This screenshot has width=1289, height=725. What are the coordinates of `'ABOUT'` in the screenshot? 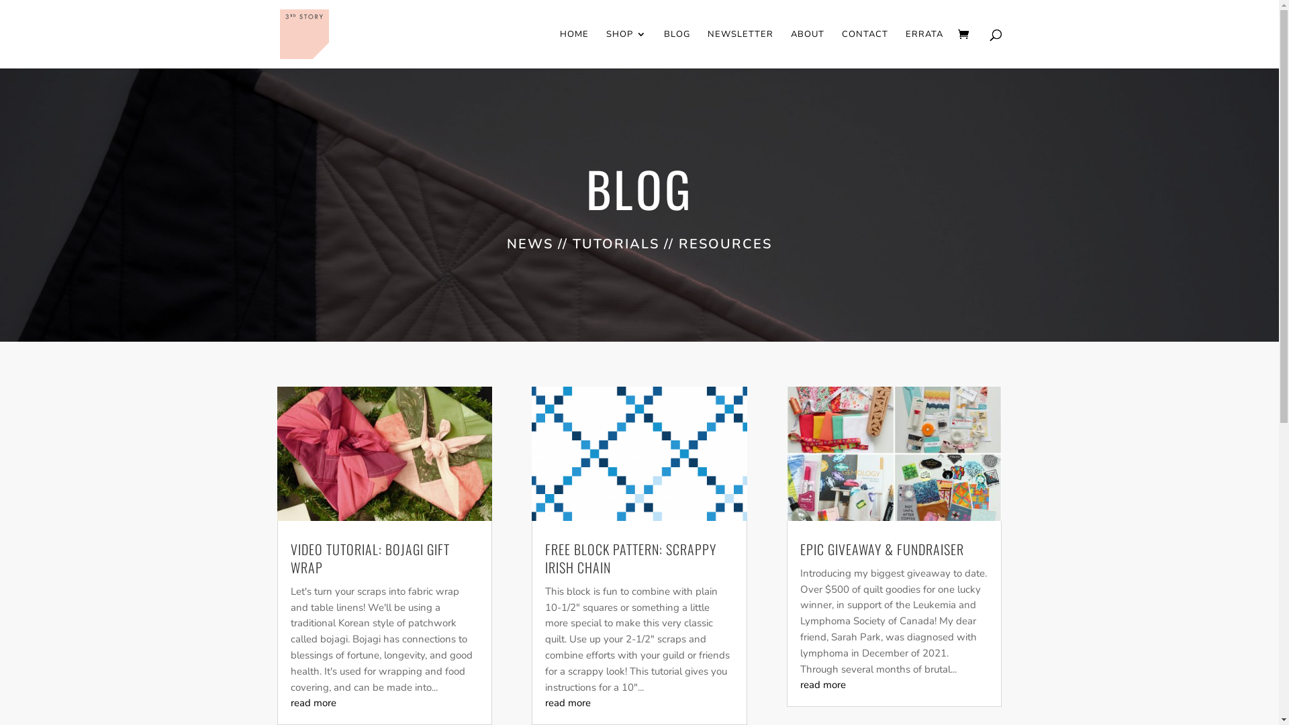 It's located at (807, 48).